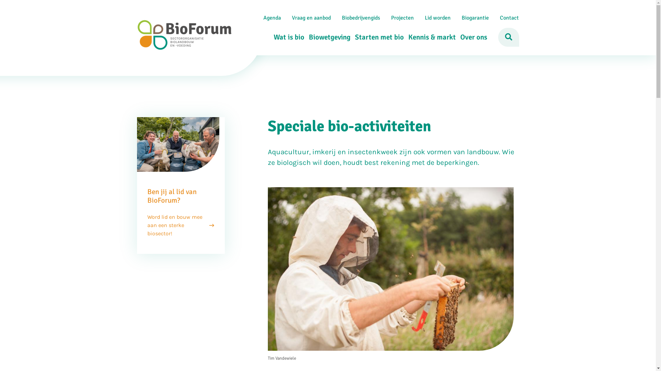  Describe the element at coordinates (336, 17) in the screenshot. I see `'Biobedrijvengids'` at that location.